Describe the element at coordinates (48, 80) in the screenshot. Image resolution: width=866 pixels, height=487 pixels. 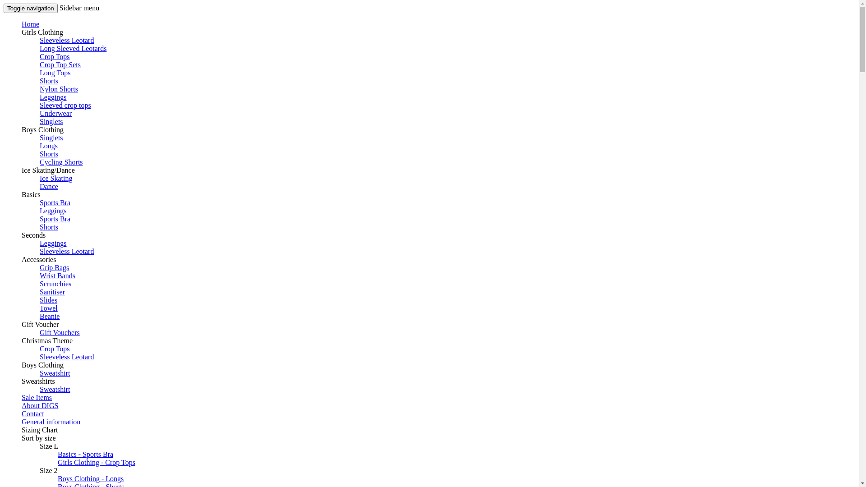
I see `'Shorts'` at that location.